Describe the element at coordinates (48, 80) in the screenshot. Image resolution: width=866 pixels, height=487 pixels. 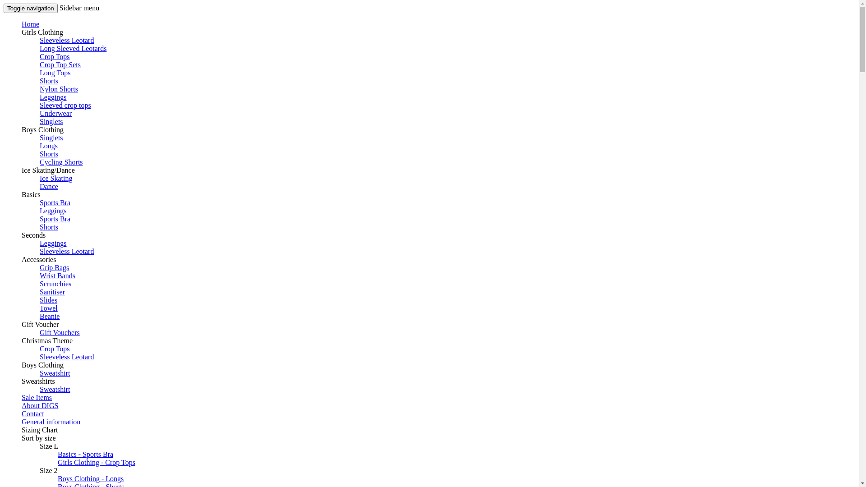
I see `'Shorts'` at that location.